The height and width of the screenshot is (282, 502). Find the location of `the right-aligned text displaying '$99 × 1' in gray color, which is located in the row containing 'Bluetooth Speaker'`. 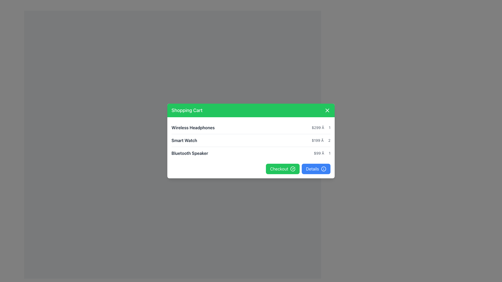

the right-aligned text displaying '$99 × 1' in gray color, which is located in the row containing 'Bluetooth Speaker' is located at coordinates (322, 153).